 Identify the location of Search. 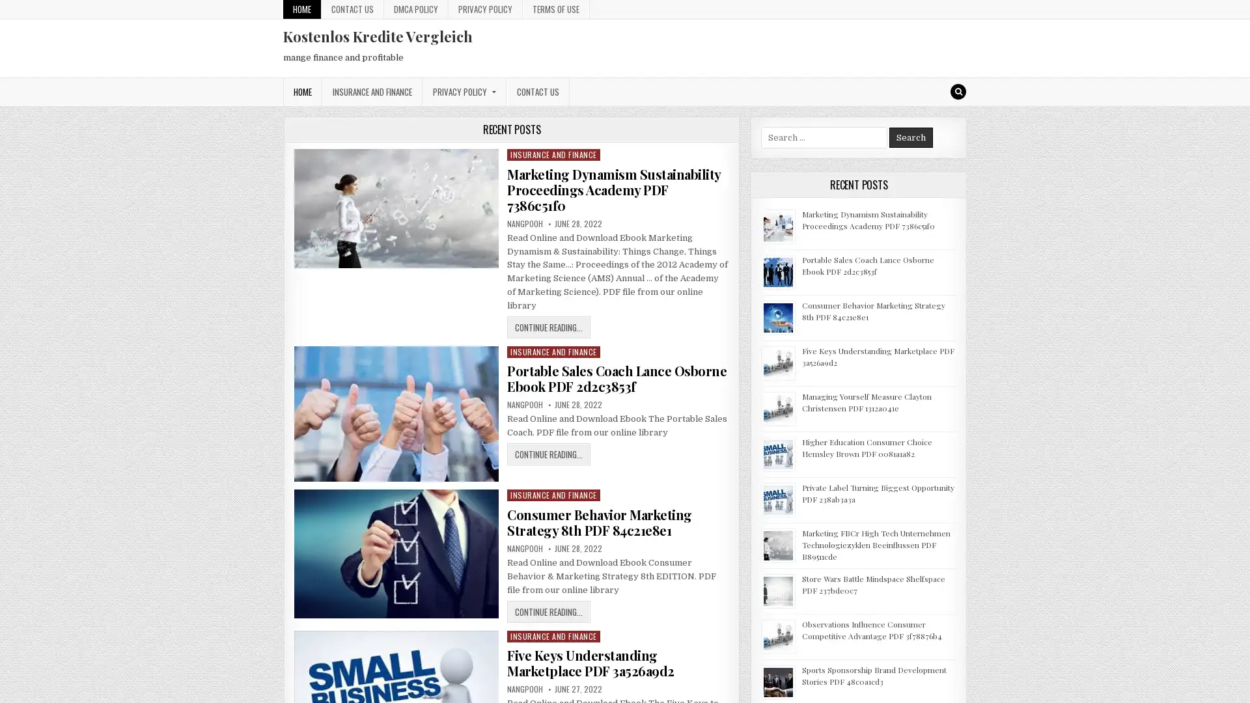
(910, 137).